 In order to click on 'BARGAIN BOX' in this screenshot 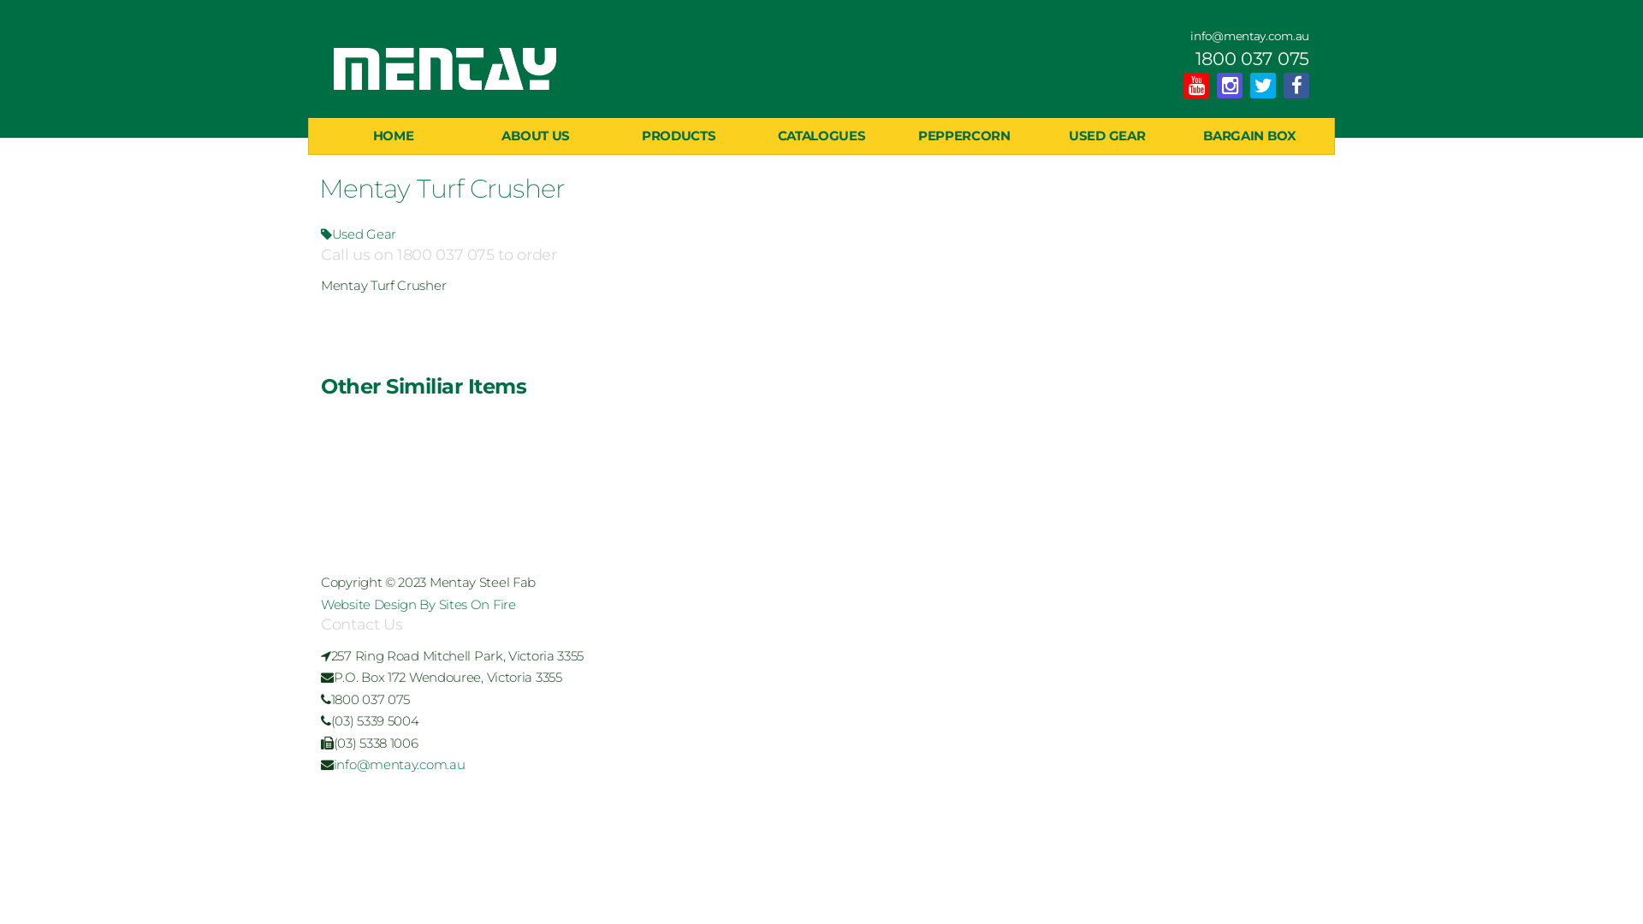, I will do `click(1177, 135)`.